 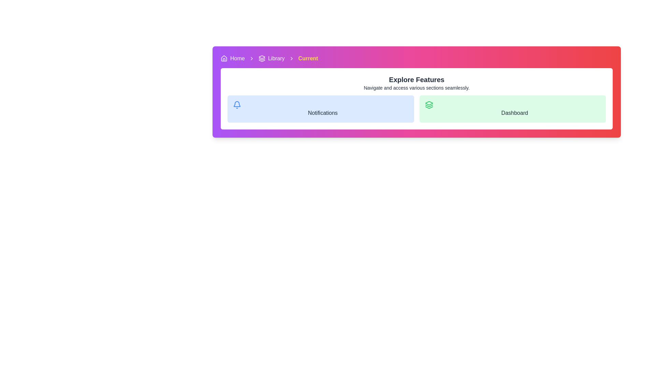 I want to click on the rightward-pointing chevron icon located in the breadcrumb navigation bar, positioned between 'Home' and 'Library', so click(x=251, y=58).